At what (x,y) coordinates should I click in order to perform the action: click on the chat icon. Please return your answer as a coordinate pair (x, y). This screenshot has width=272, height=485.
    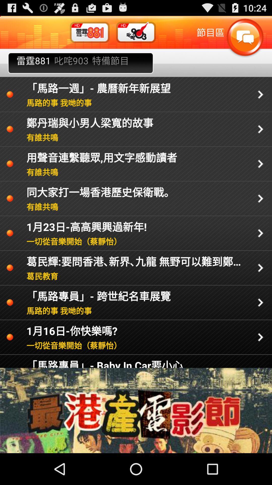
    Looking at the image, I should click on (245, 40).